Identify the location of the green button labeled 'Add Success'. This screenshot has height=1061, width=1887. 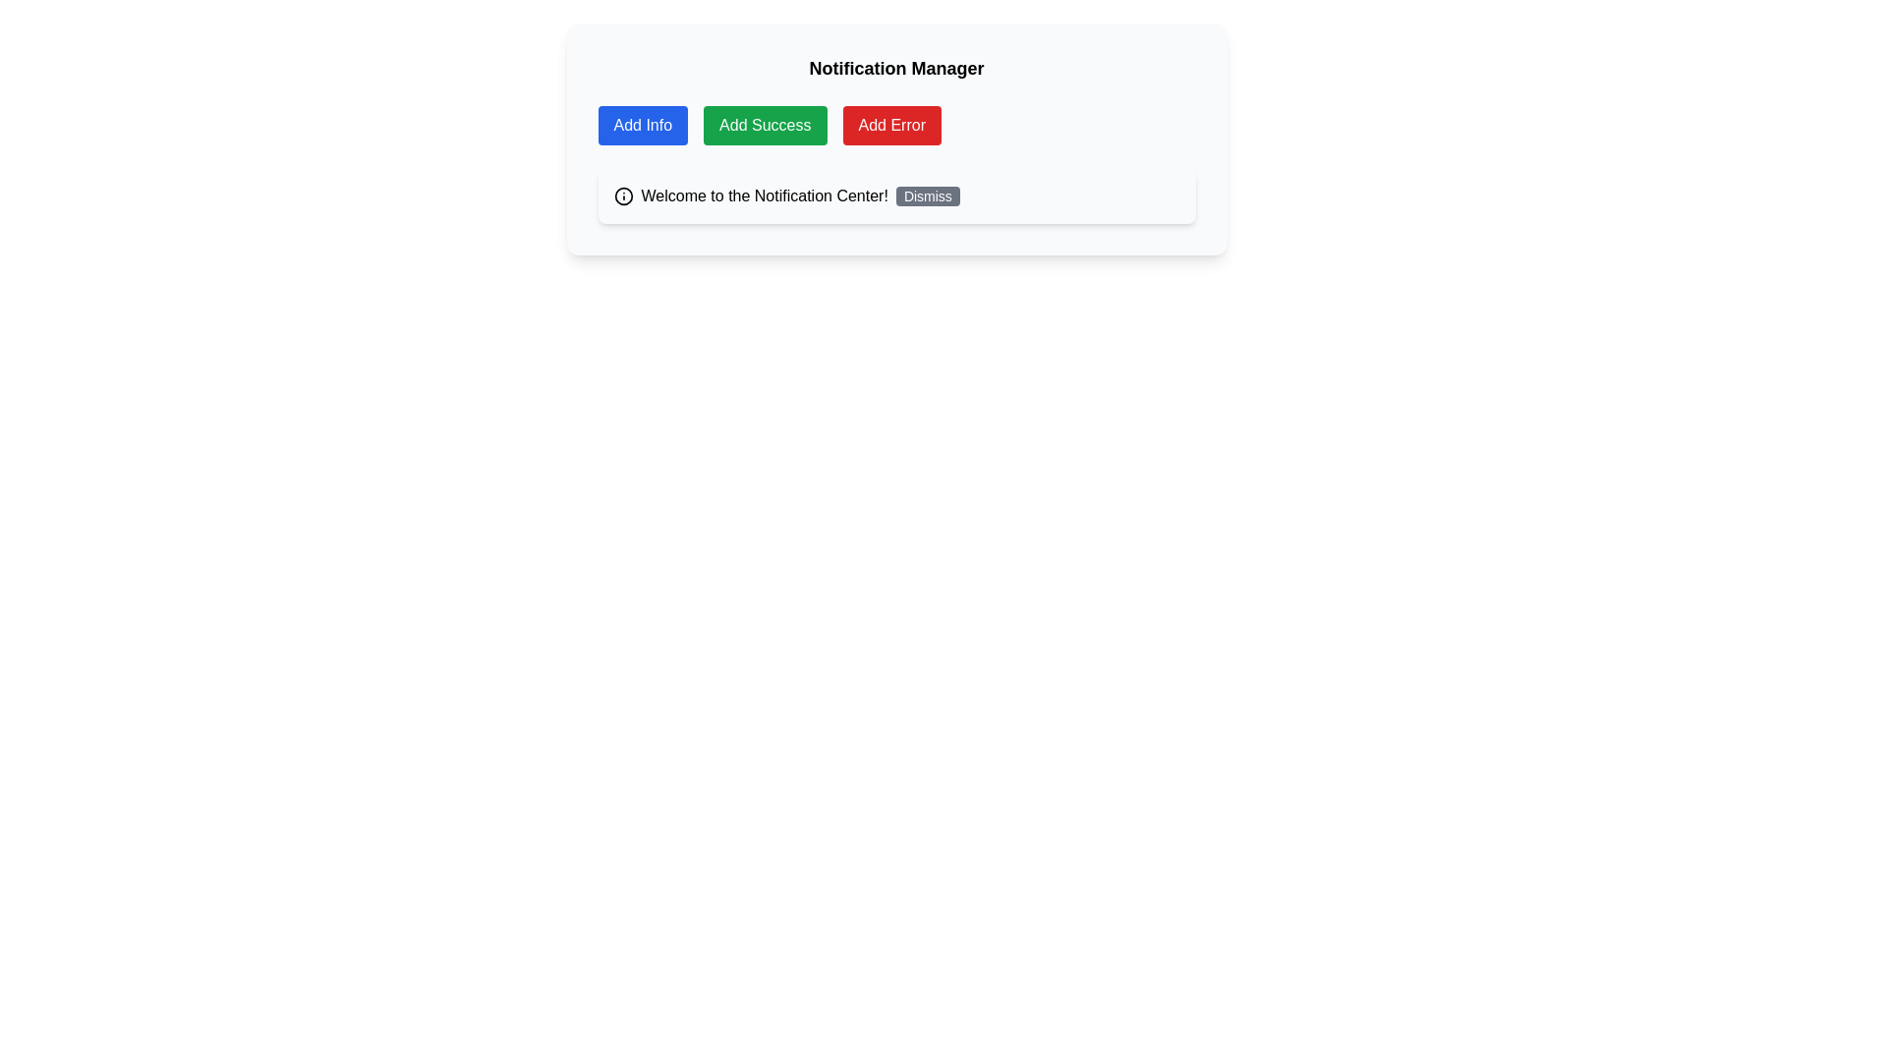
(764, 125).